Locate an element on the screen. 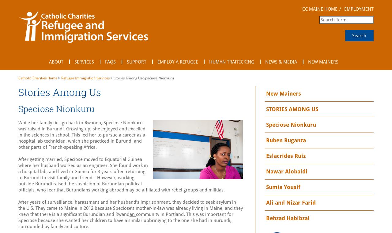 The width and height of the screenshot is (392, 233). '> Stories Among Us-Speciose Nionkuru' is located at coordinates (141, 78).